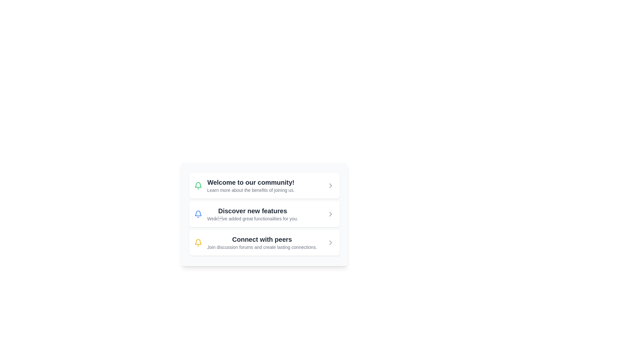 The image size is (623, 350). Describe the element at coordinates (250, 190) in the screenshot. I see `text displayed in the text label that says 'Learn more about the benefits of joining us.' located below the header 'Welcome to our community!' in the first card-like section` at that location.